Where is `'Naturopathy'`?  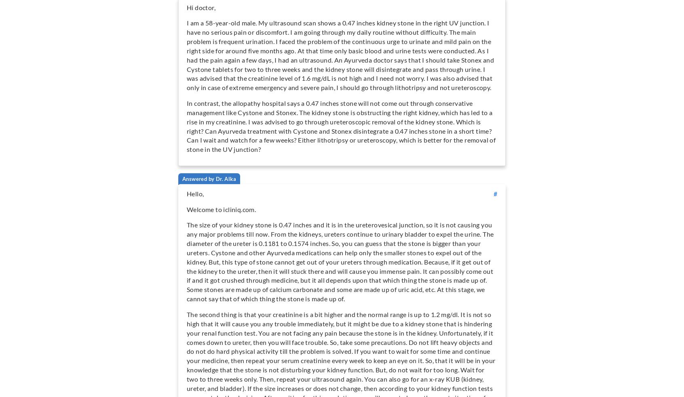 'Naturopathy' is located at coordinates (214, 162).